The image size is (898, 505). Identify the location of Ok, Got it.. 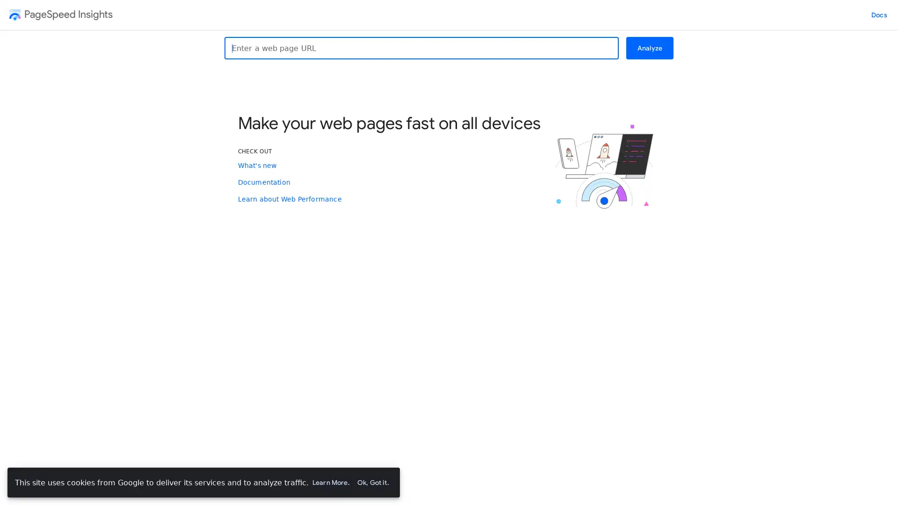
(372, 483).